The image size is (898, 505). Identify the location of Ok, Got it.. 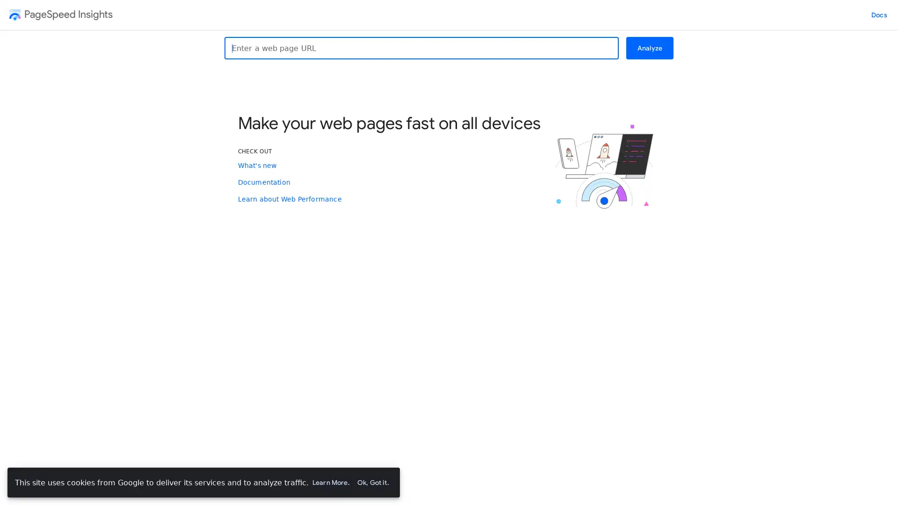
(372, 483).